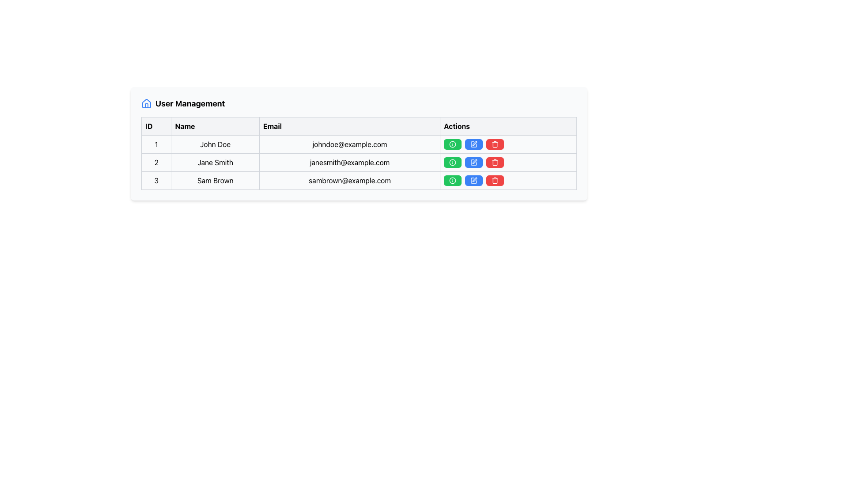 The width and height of the screenshot is (848, 477). Describe the element at coordinates (453, 144) in the screenshot. I see `the SVG circle element that serves as the 'info' graphic icon, located in the 'Actions' column of the last row of the table` at that location.